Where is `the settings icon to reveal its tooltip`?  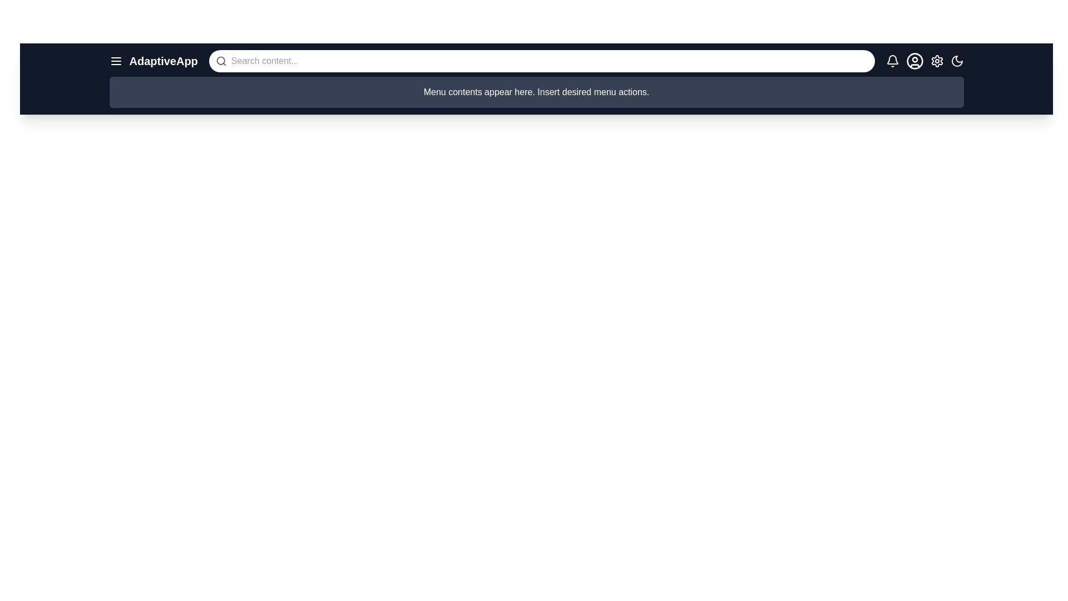 the settings icon to reveal its tooltip is located at coordinates (936, 61).